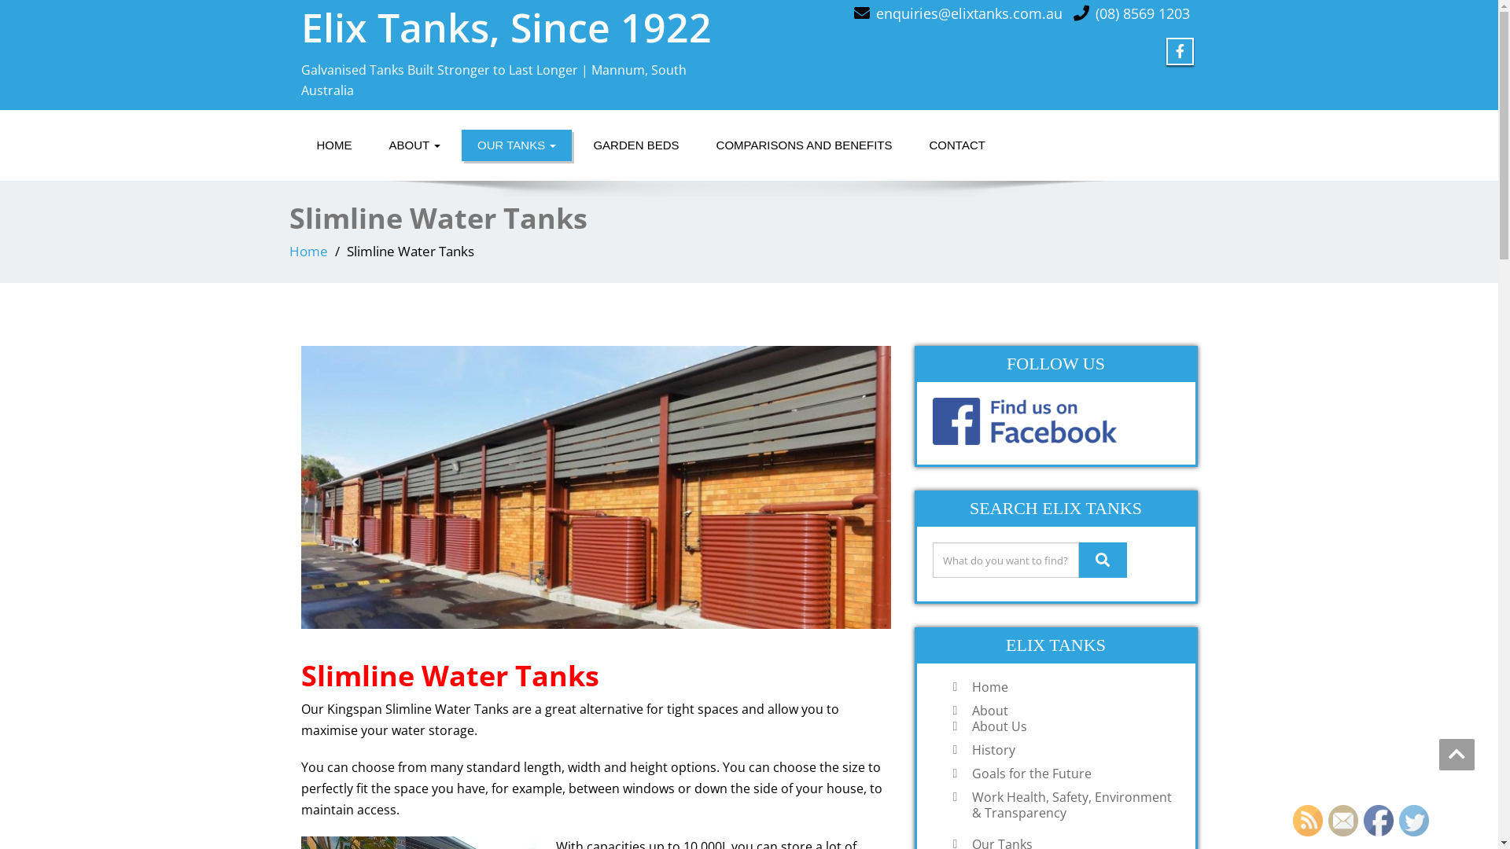 The height and width of the screenshot is (849, 1510). Describe the element at coordinates (506, 27) in the screenshot. I see `'Elix Tanks, Since 1922'` at that location.